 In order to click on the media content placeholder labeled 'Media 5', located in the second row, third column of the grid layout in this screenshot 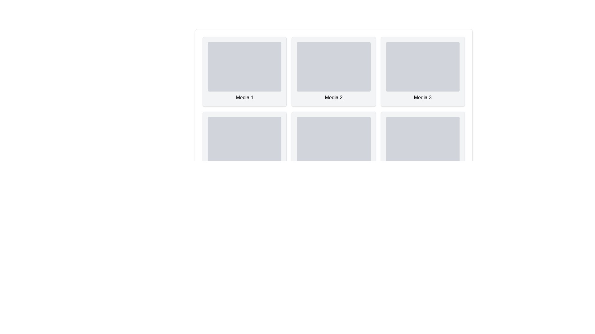, I will do `click(333, 142)`.